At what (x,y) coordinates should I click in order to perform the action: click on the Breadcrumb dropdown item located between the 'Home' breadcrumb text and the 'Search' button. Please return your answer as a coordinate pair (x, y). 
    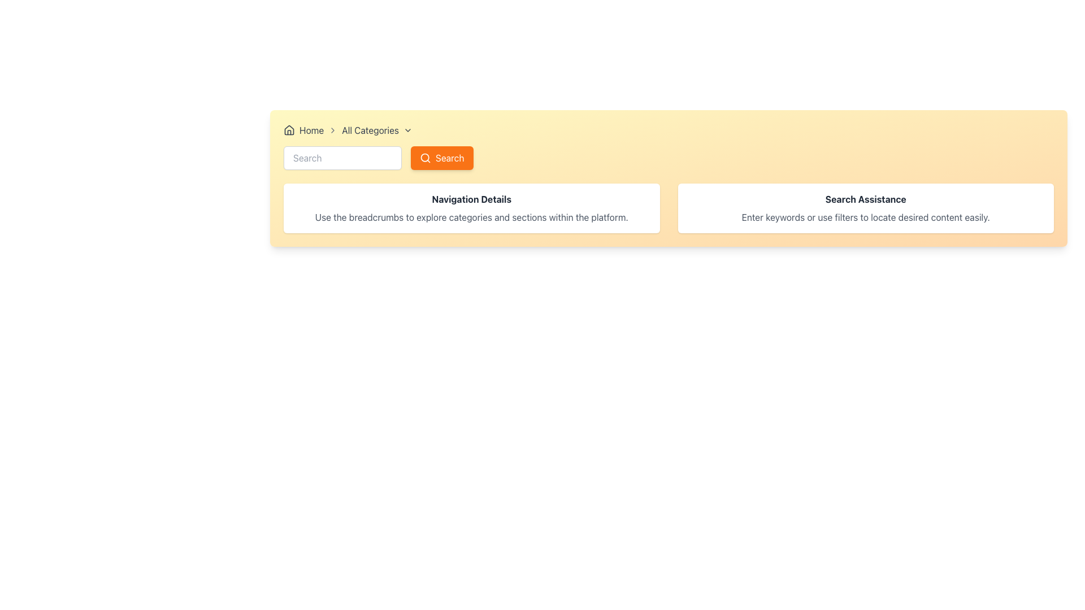
    Looking at the image, I should click on (377, 130).